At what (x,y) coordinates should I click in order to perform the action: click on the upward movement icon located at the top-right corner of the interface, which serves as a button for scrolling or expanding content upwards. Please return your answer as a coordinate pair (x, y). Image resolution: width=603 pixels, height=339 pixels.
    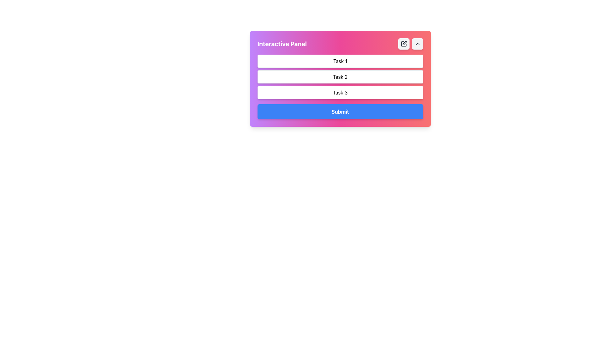
    Looking at the image, I should click on (417, 43).